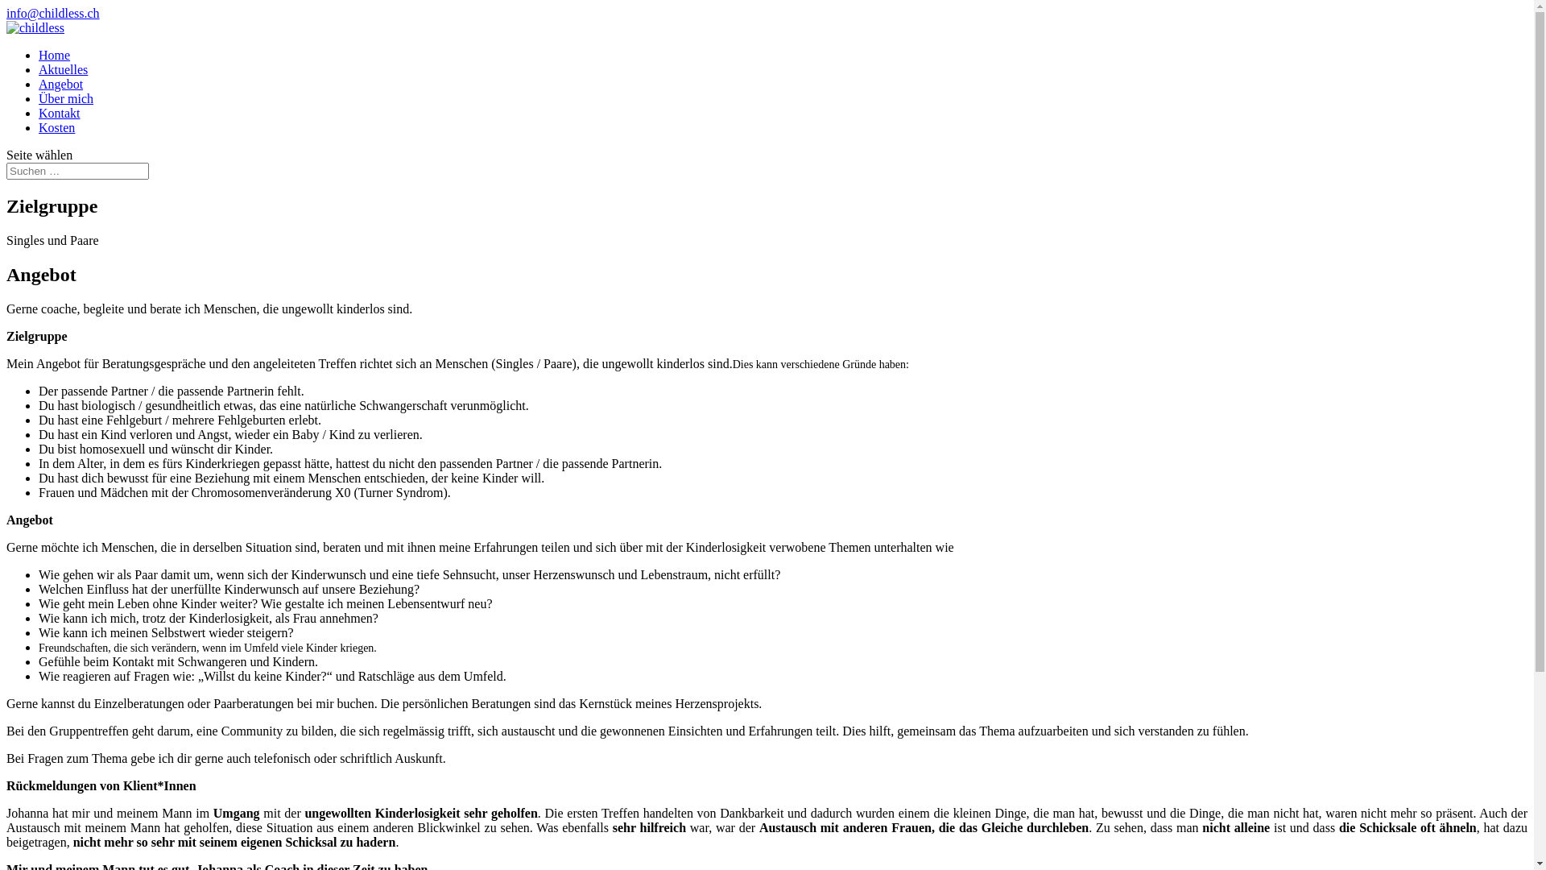 Image resolution: width=1546 pixels, height=870 pixels. Describe the element at coordinates (60, 84) in the screenshot. I see `'Angebot'` at that location.